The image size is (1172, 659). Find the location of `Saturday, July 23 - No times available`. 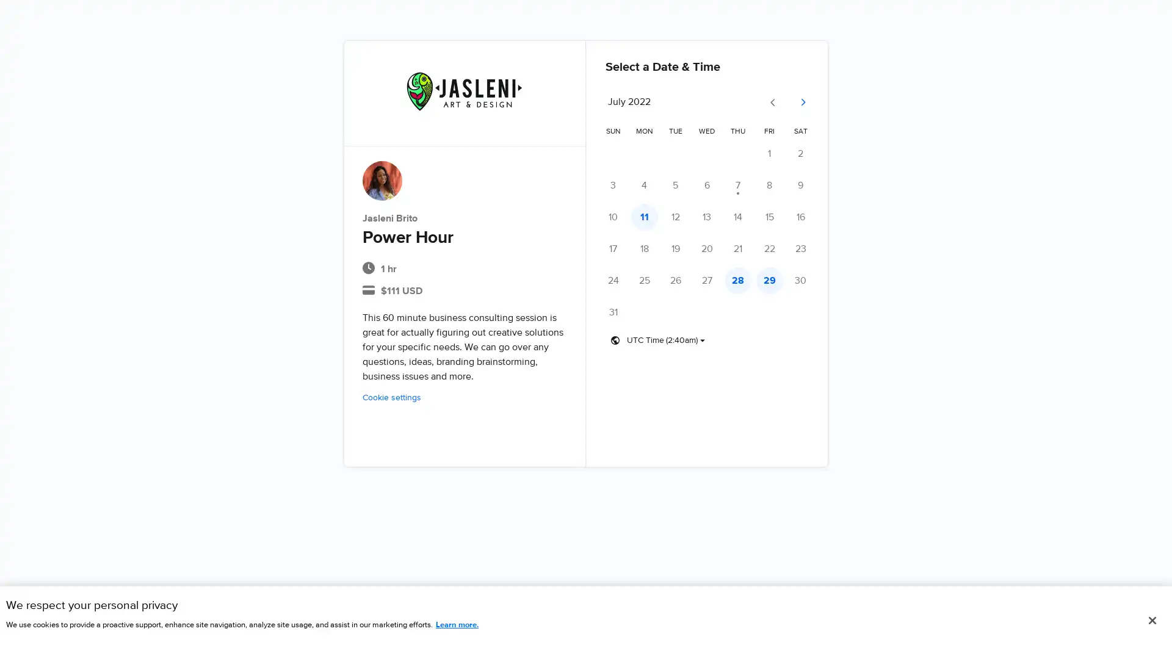

Saturday, July 23 - No times available is located at coordinates (802, 248).